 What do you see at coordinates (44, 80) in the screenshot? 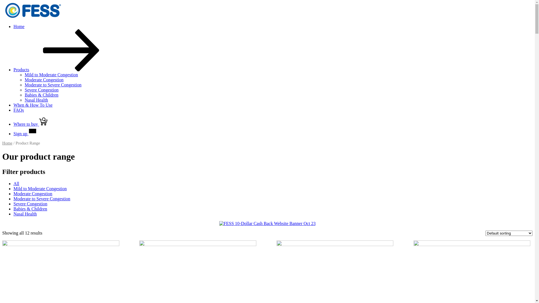
I see `'Moderate Congestion'` at bounding box center [44, 80].